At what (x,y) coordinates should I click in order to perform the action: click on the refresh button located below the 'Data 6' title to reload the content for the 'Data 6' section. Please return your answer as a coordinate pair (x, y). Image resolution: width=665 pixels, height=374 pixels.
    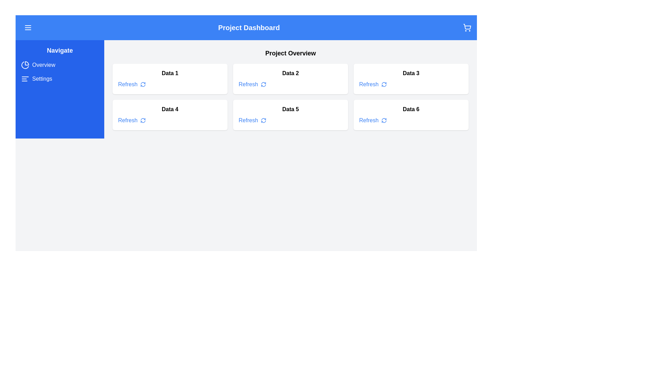
    Looking at the image, I should click on (372, 120).